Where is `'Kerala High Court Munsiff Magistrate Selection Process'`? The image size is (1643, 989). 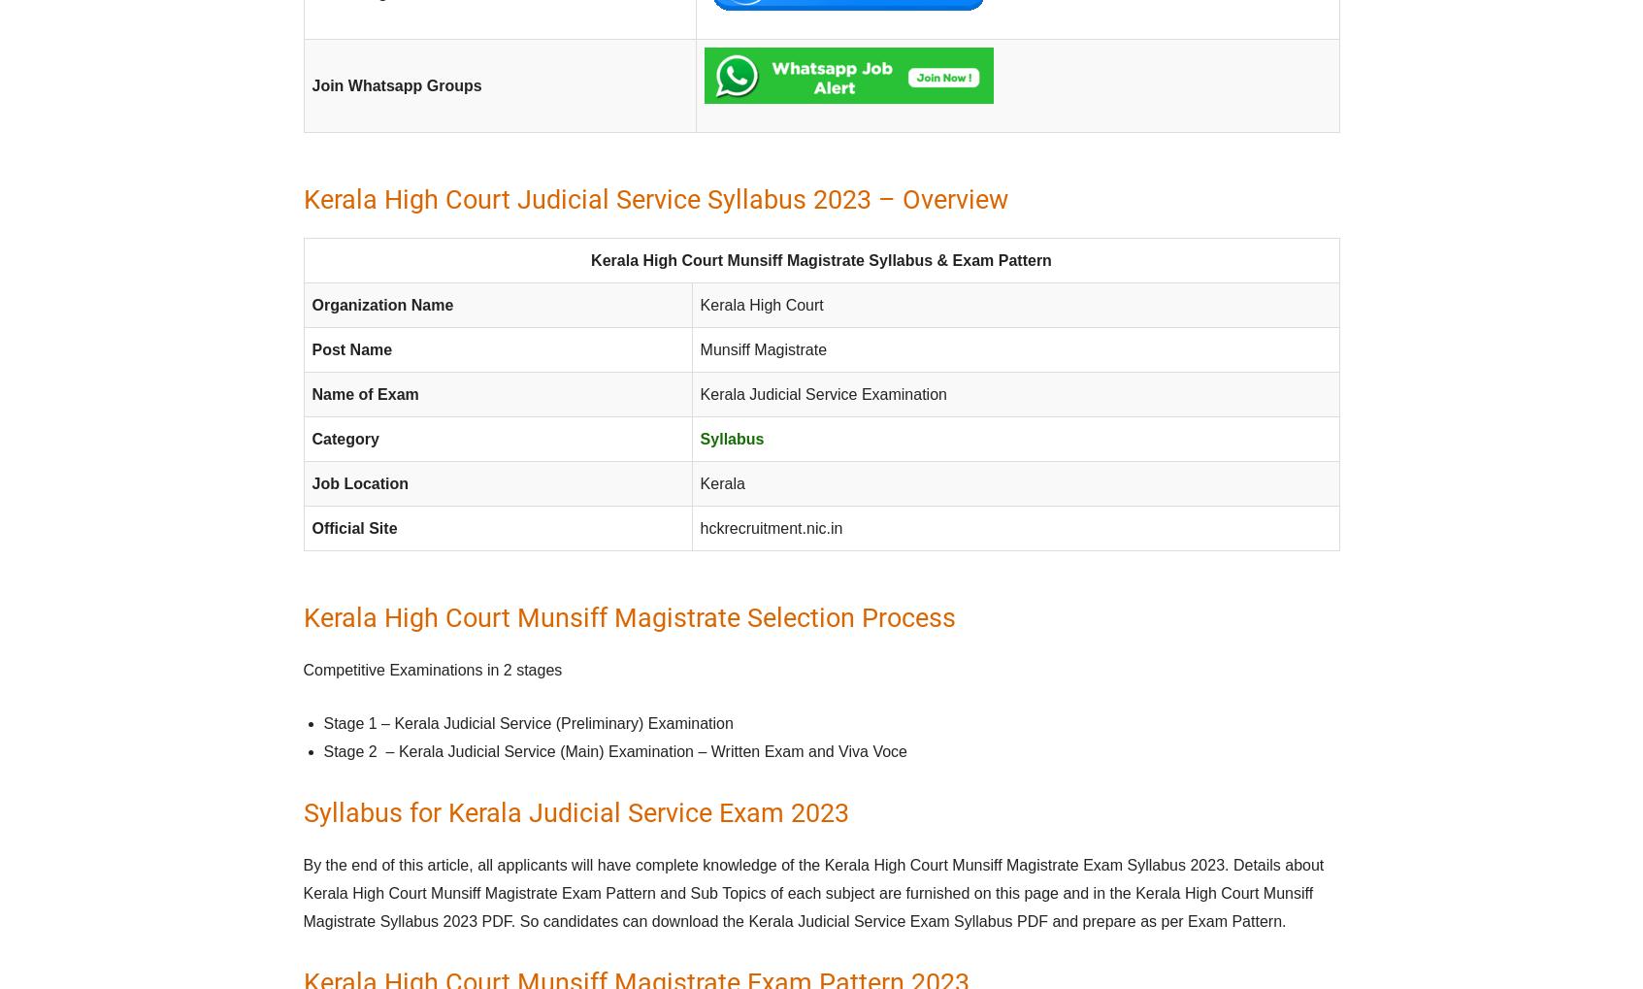 'Kerala High Court Munsiff Magistrate Selection Process' is located at coordinates (629, 617).